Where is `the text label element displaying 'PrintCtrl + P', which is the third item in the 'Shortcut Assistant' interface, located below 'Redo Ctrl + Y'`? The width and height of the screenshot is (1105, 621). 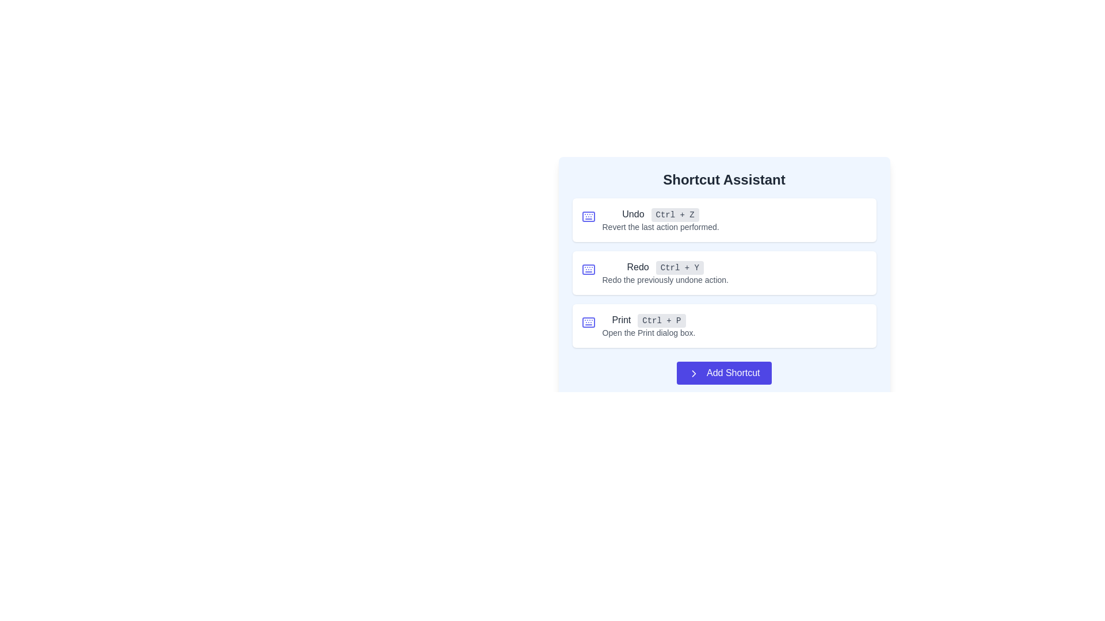
the text label element displaying 'PrintCtrl + P', which is the third item in the 'Shortcut Assistant' interface, located below 'Redo Ctrl + Y' is located at coordinates (649, 320).